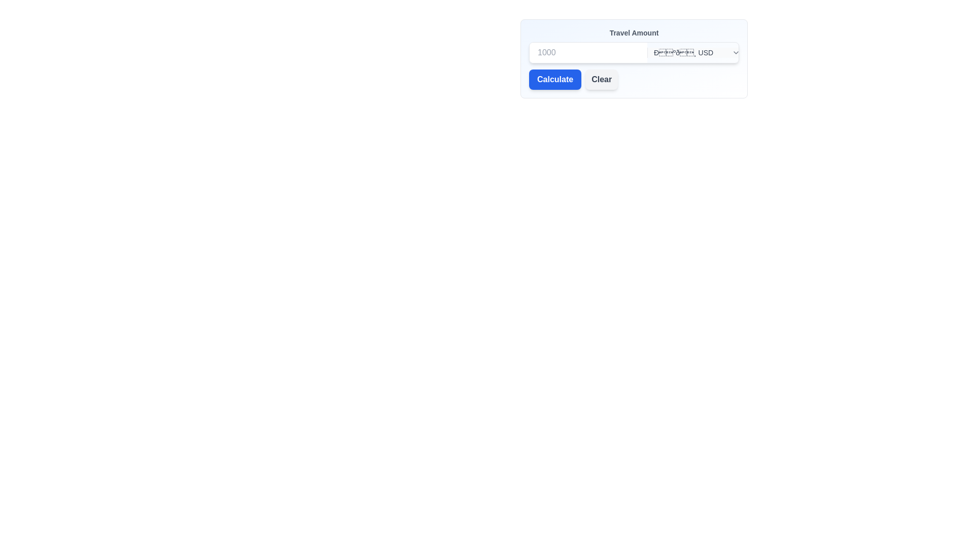 This screenshot has height=548, width=974. Describe the element at coordinates (691, 53) in the screenshot. I see `an option from the expanded list of the currency dropdown menu located in the top-right portion of the interface within the 'Travel Amount' form` at that location.